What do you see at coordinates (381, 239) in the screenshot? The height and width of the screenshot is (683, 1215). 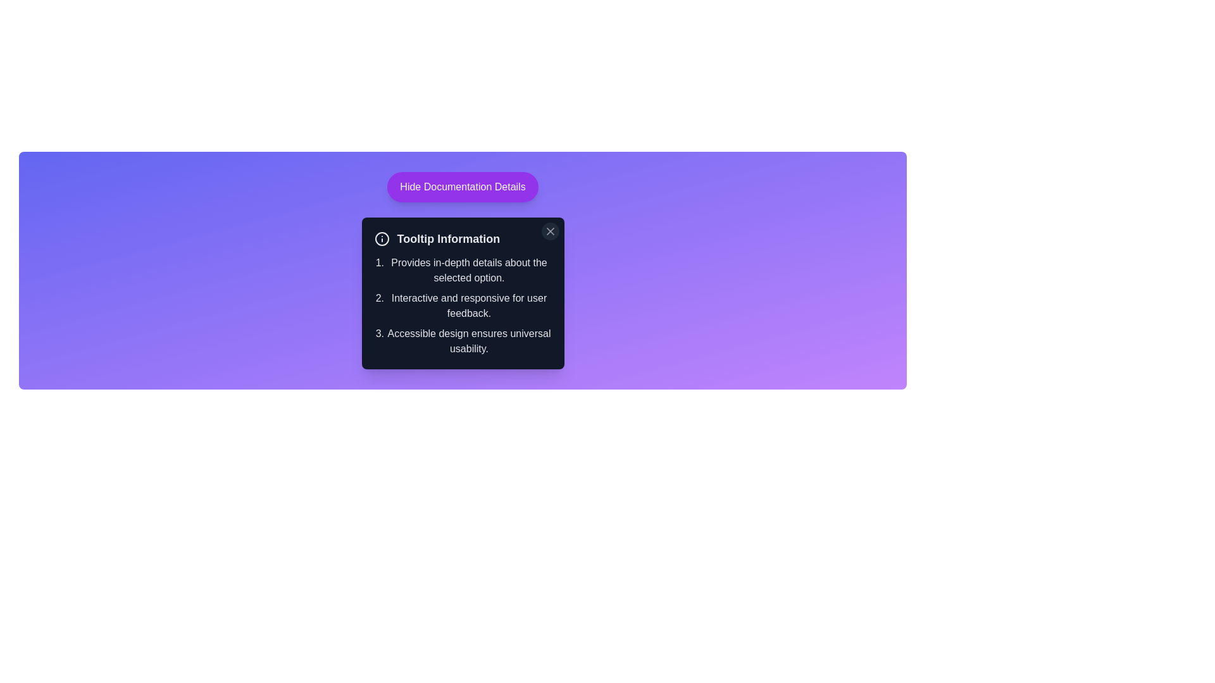 I see `the informative icon located to the far left of the 'Tooltip Information' text` at bounding box center [381, 239].